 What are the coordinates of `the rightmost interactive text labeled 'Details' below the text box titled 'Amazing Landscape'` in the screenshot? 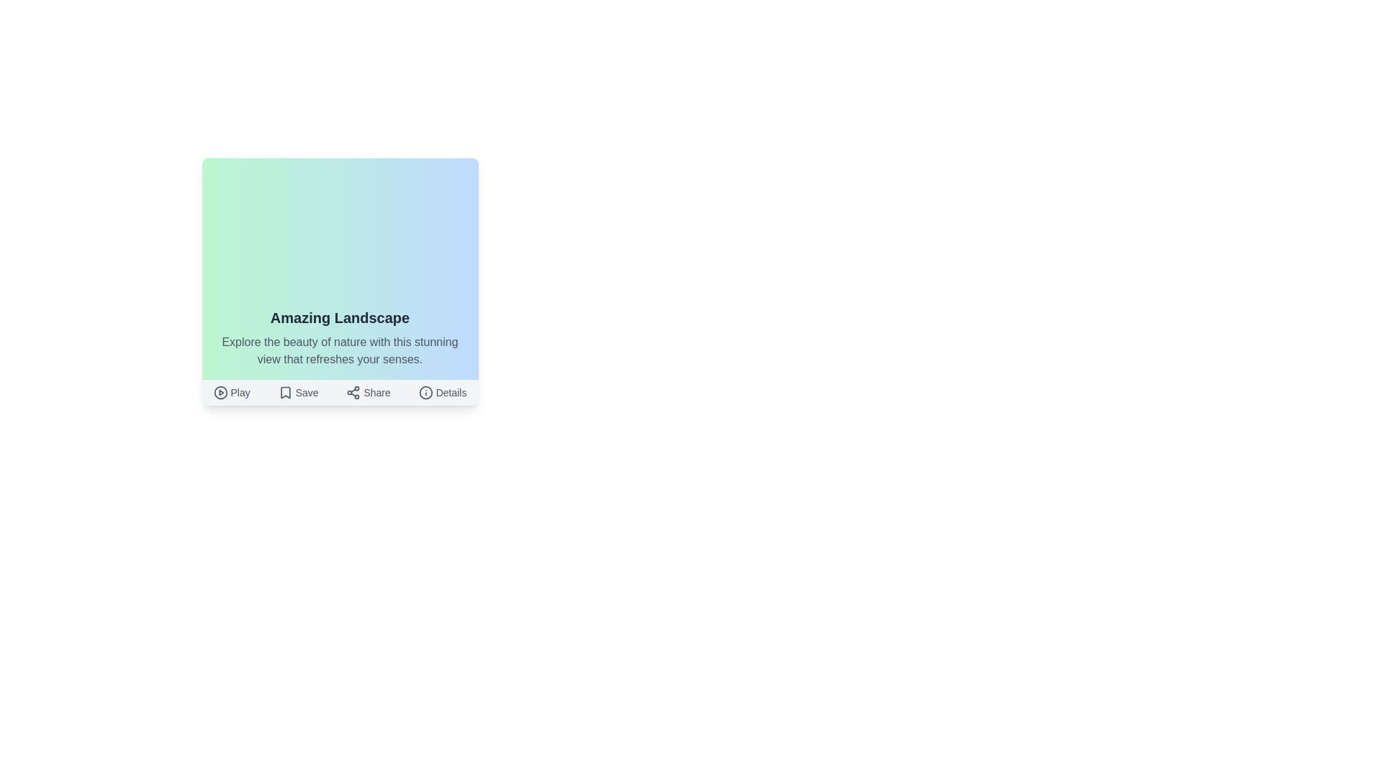 It's located at (442, 393).